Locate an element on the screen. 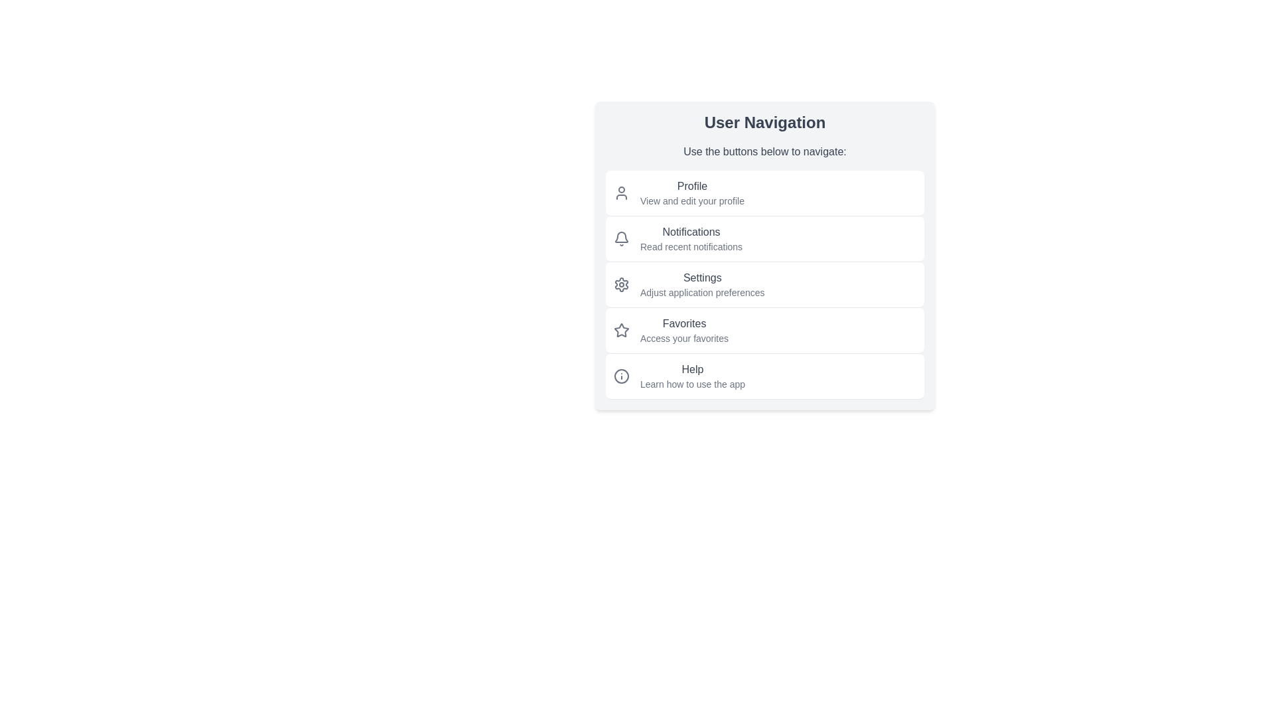 This screenshot has height=717, width=1274. the menu item corresponding to Notifications to navigate to the desired section is located at coordinates (764, 238).